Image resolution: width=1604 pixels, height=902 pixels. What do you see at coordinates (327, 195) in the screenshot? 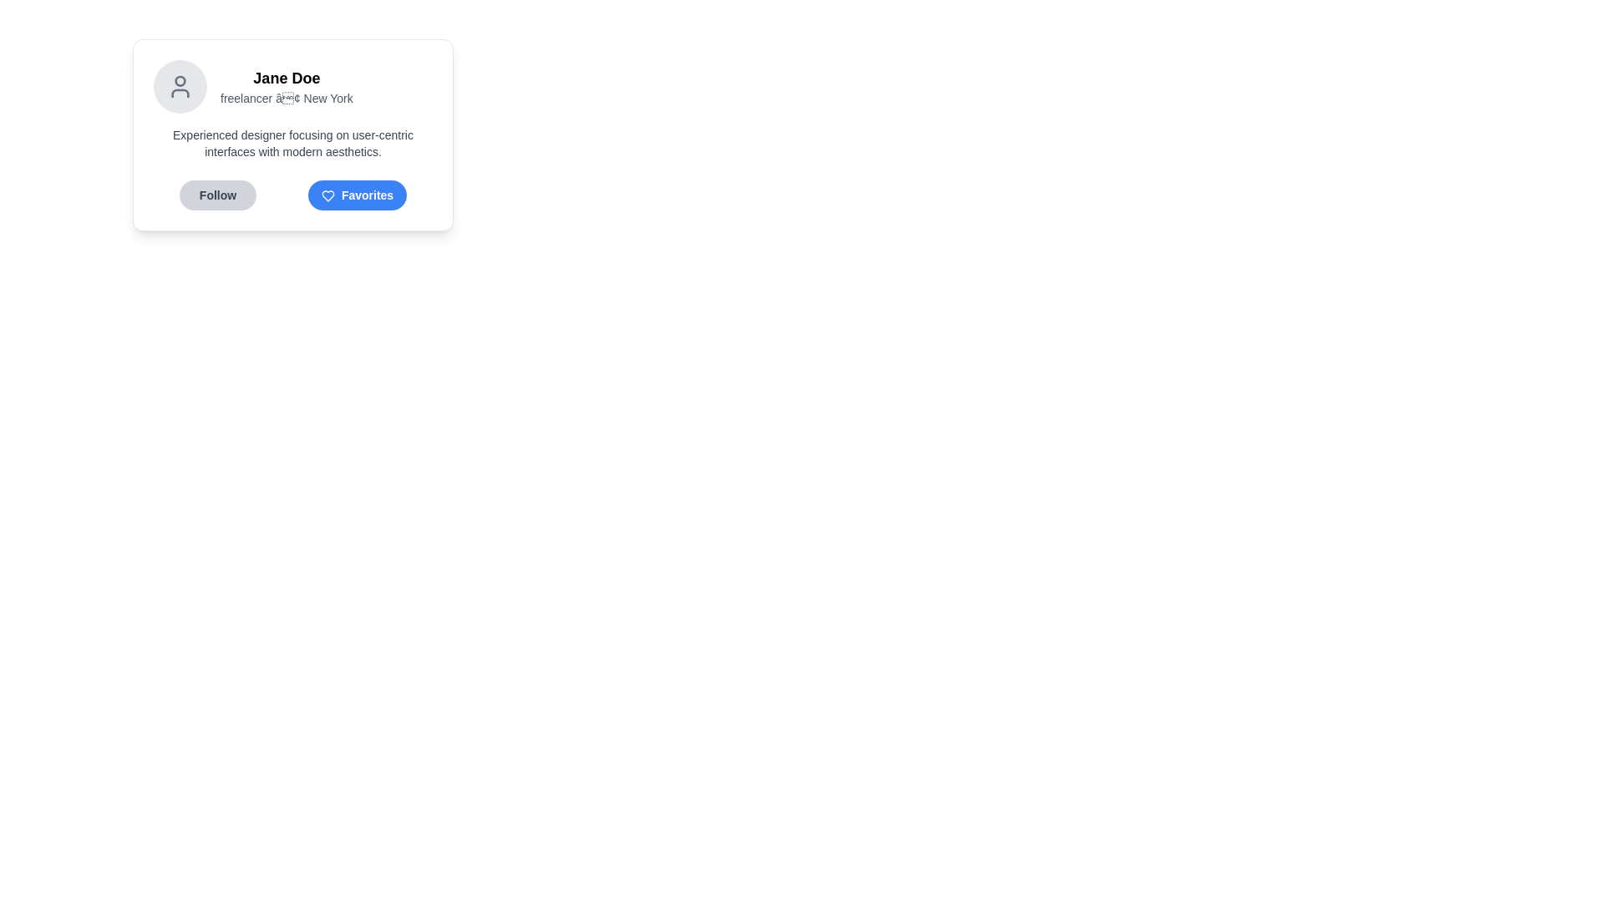
I see `the heart-shaped blue icon within the 'Favorites' button located in the bottom-right corner of the profile card for additional visual feedback` at bounding box center [327, 195].